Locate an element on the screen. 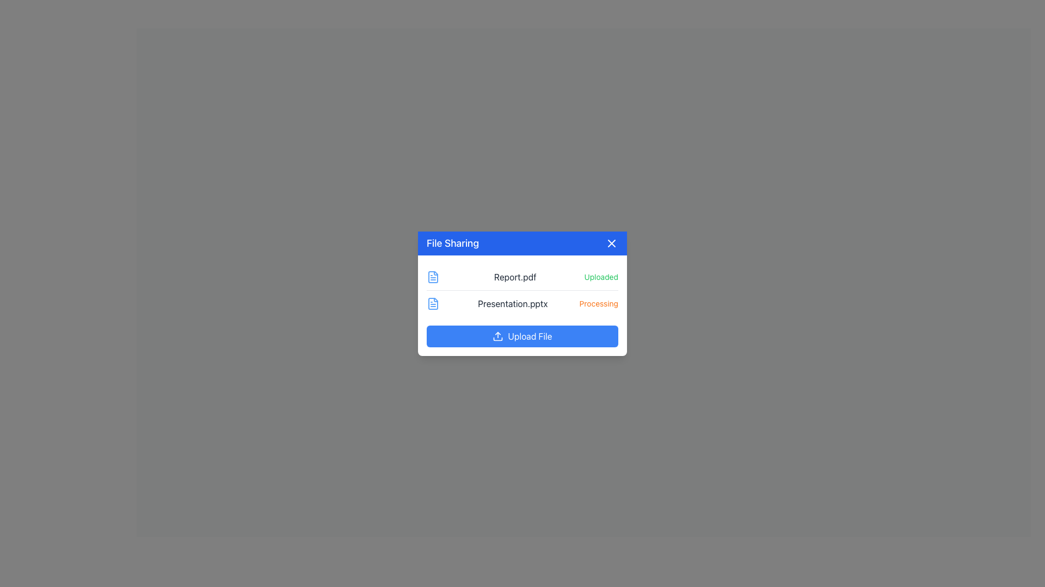  the text label displaying the filename 'Presentation.pptx' which is positioned before the 'Processing' label in the 'File Sharing' panel is located at coordinates (512, 303).